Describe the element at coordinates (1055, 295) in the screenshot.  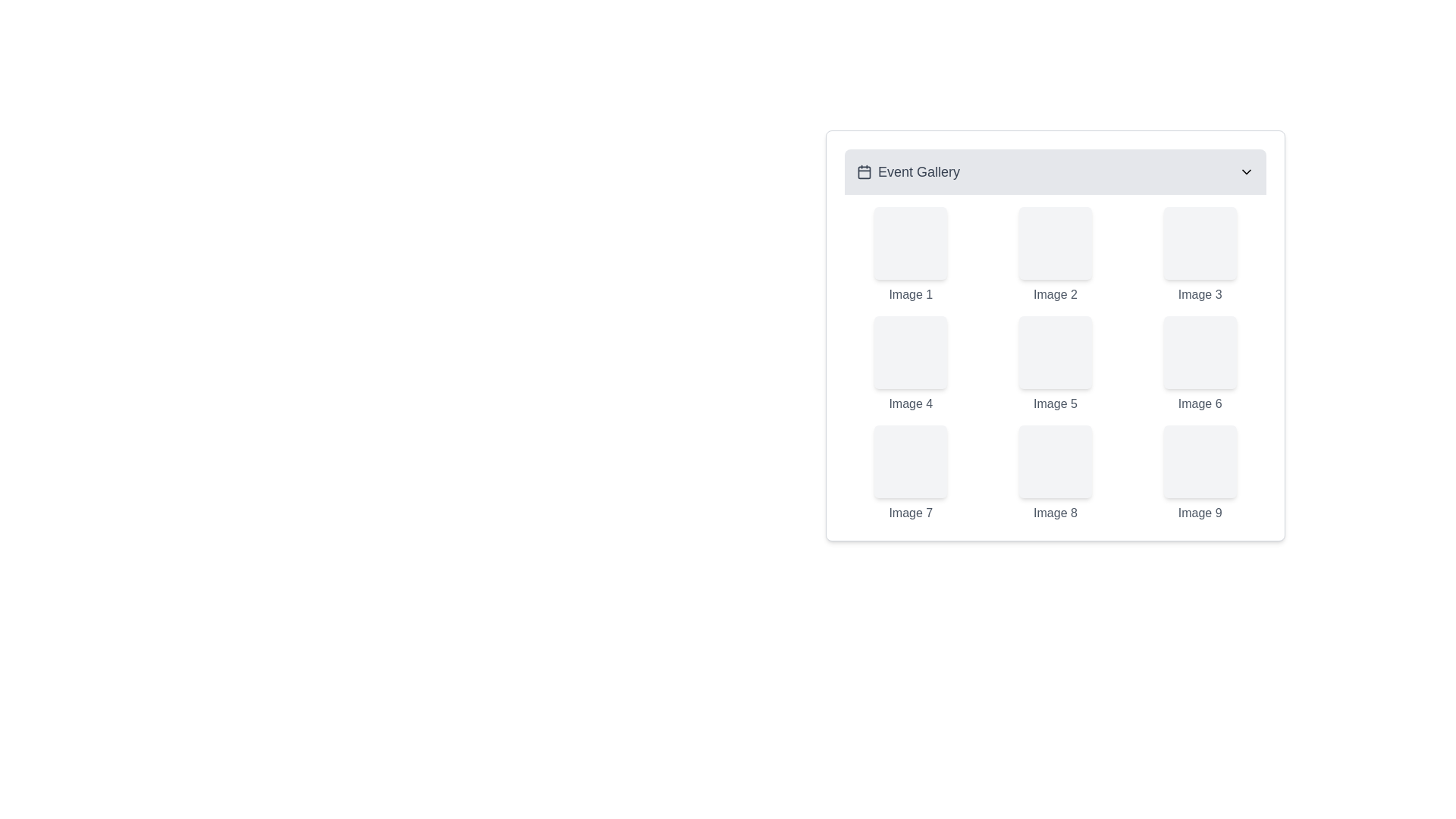
I see `the text label that serves as a description for the image placeholder, located at the upper-middle section of the gallery grid in the first row, center column` at that location.